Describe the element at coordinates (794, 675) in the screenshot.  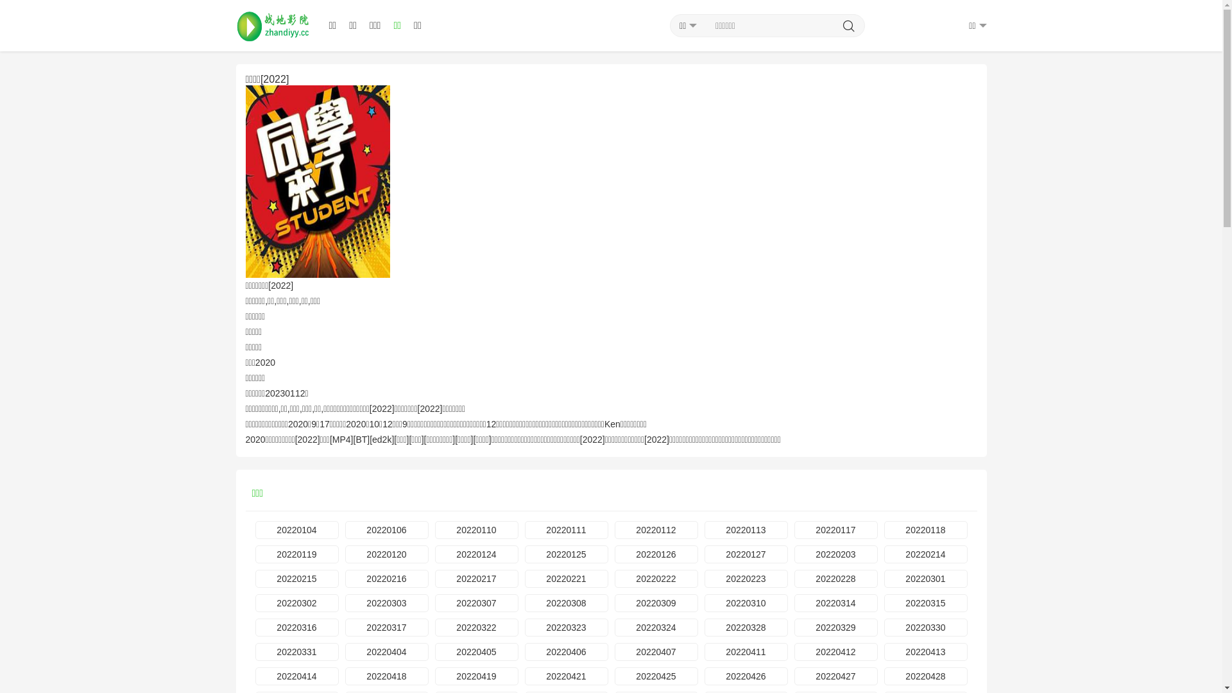
I see `'20220427'` at that location.